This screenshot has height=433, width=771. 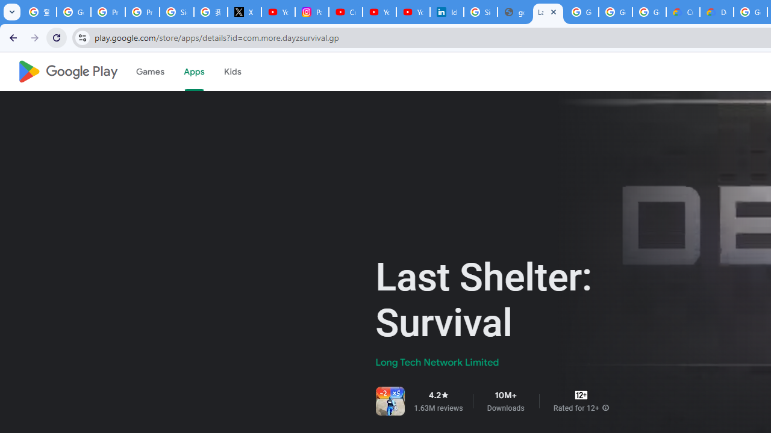 I want to click on 'Kids', so click(x=232, y=72).